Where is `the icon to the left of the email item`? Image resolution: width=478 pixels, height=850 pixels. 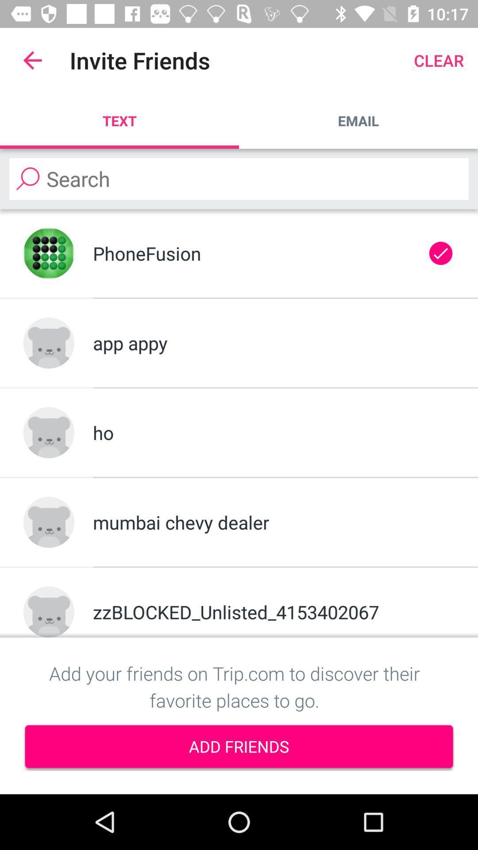 the icon to the left of the email item is located at coordinates (119, 120).